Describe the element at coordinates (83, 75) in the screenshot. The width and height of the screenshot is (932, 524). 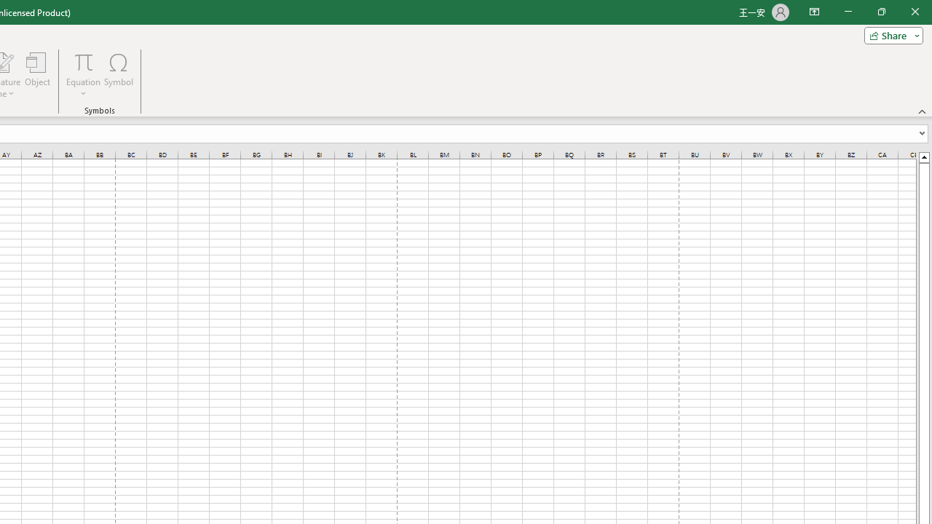
I see `'Equation'` at that location.